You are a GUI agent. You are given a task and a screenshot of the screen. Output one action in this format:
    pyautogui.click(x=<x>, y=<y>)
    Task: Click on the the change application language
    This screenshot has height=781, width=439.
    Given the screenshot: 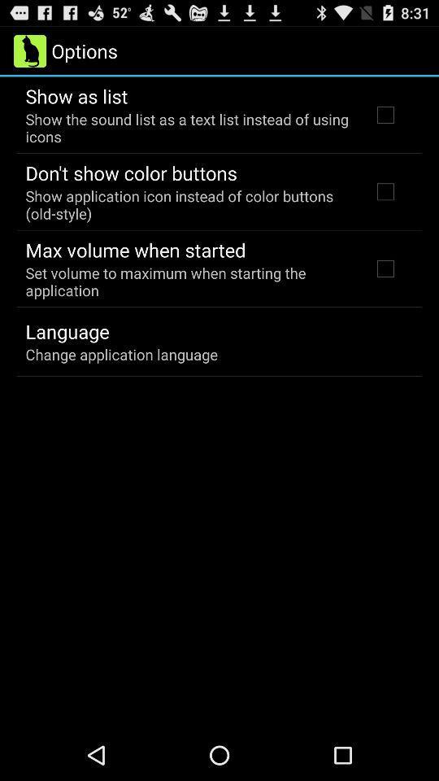 What is the action you would take?
    pyautogui.click(x=120, y=354)
    